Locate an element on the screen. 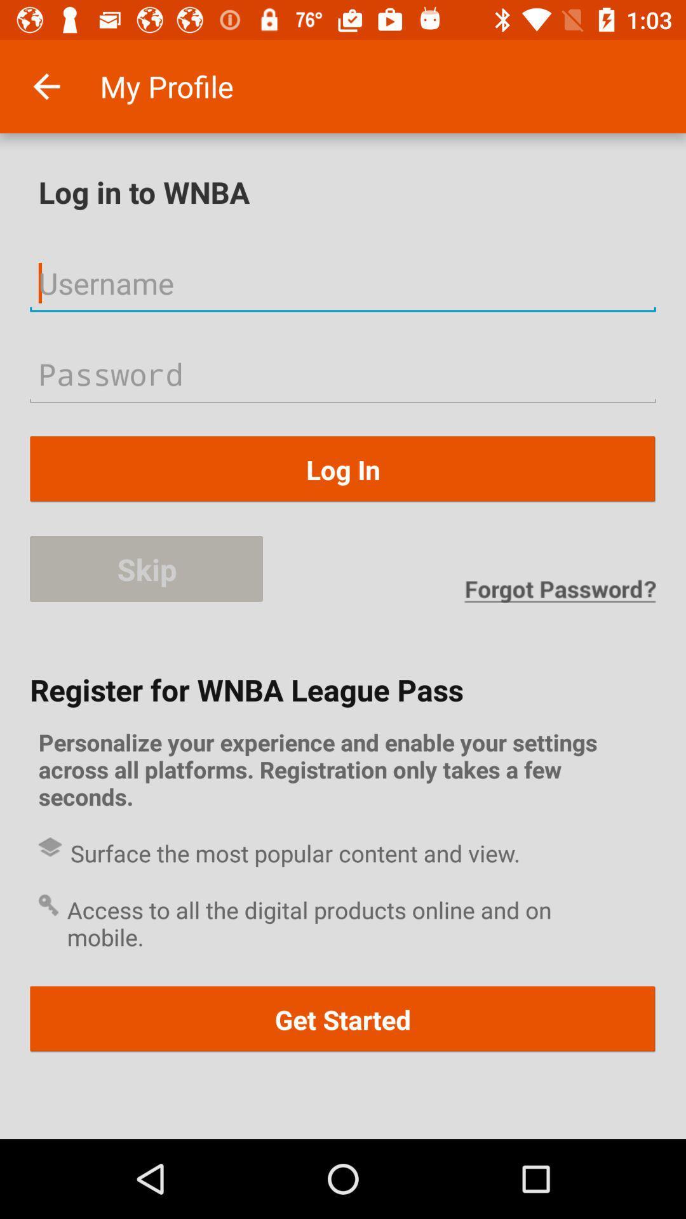  item to the right of skip is located at coordinates (559, 590).